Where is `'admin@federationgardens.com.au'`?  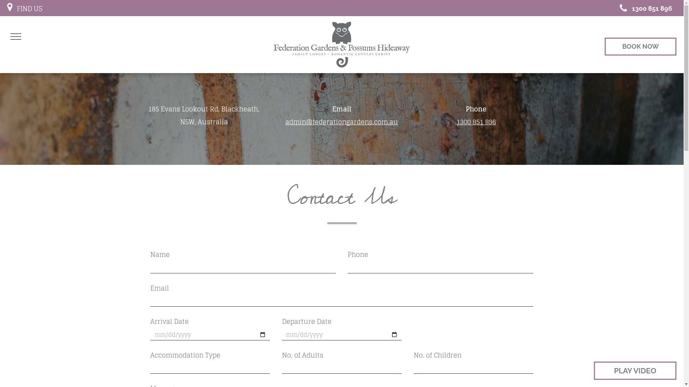 'admin@federationgardens.com.au' is located at coordinates (341, 121).